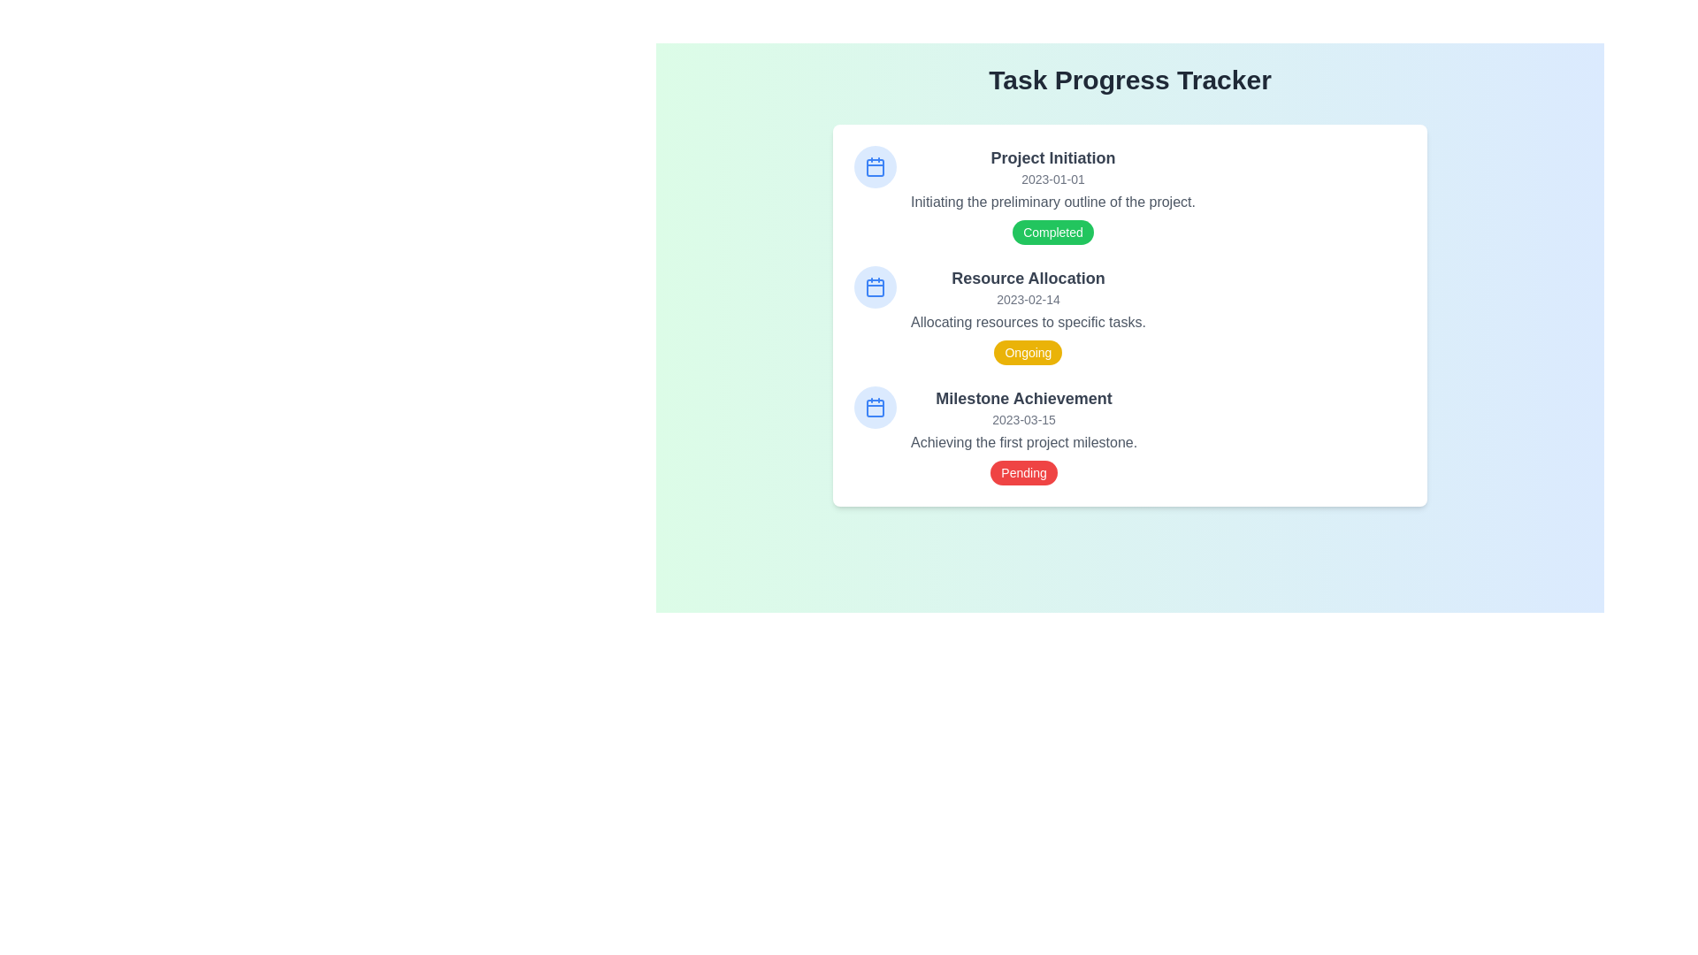 This screenshot has height=955, width=1698. What do you see at coordinates (875, 286) in the screenshot?
I see `the circular icon with a light blue background and a calendar symbol, located in the top-left of the 'Resource Allocation' section` at bounding box center [875, 286].